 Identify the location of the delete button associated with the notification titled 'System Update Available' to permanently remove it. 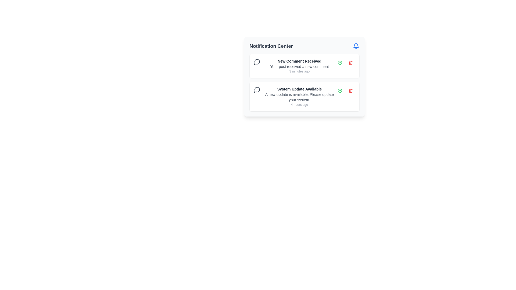
(350, 90).